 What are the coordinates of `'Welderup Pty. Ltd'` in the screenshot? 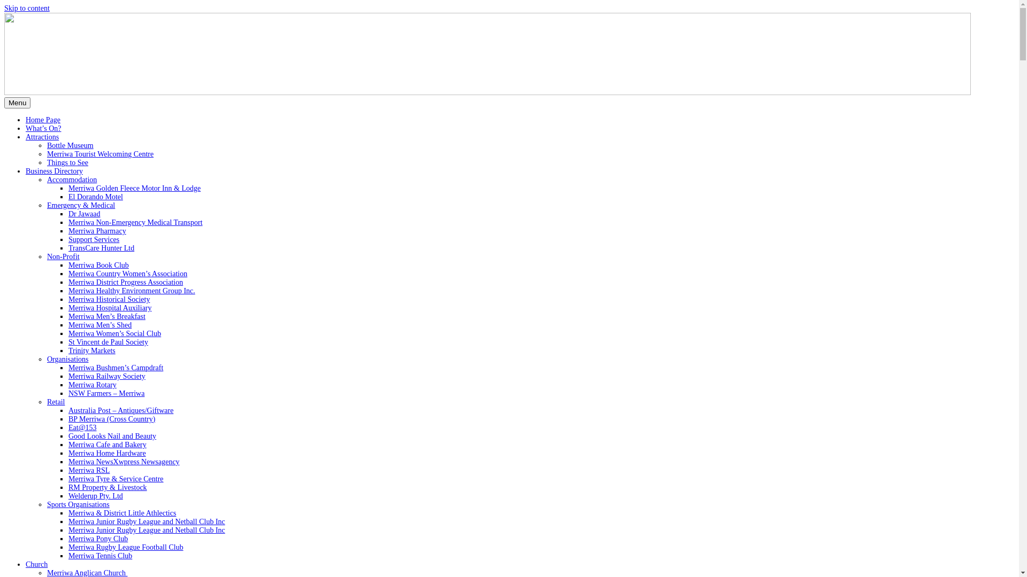 It's located at (95, 496).